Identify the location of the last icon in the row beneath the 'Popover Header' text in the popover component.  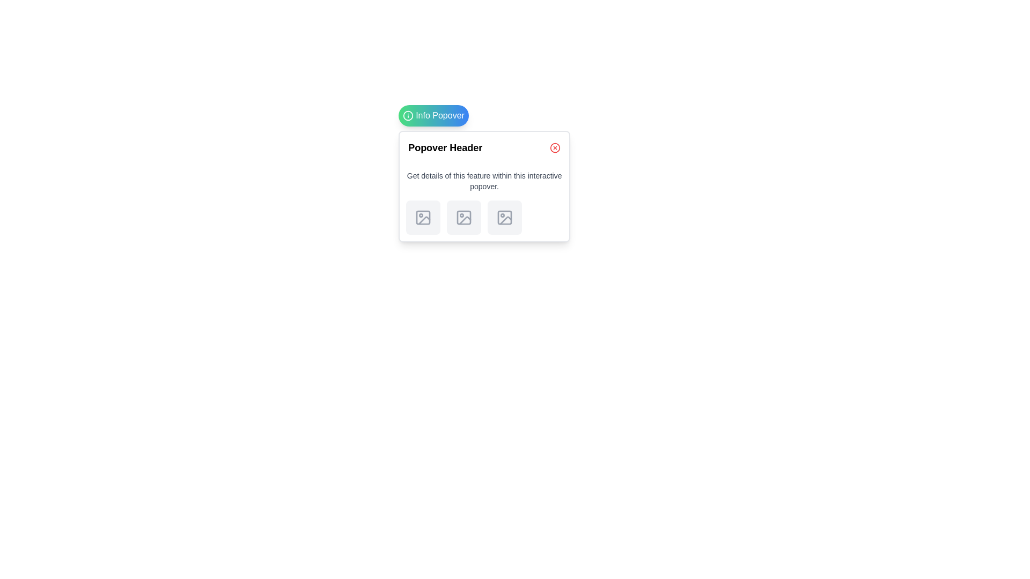
(505, 220).